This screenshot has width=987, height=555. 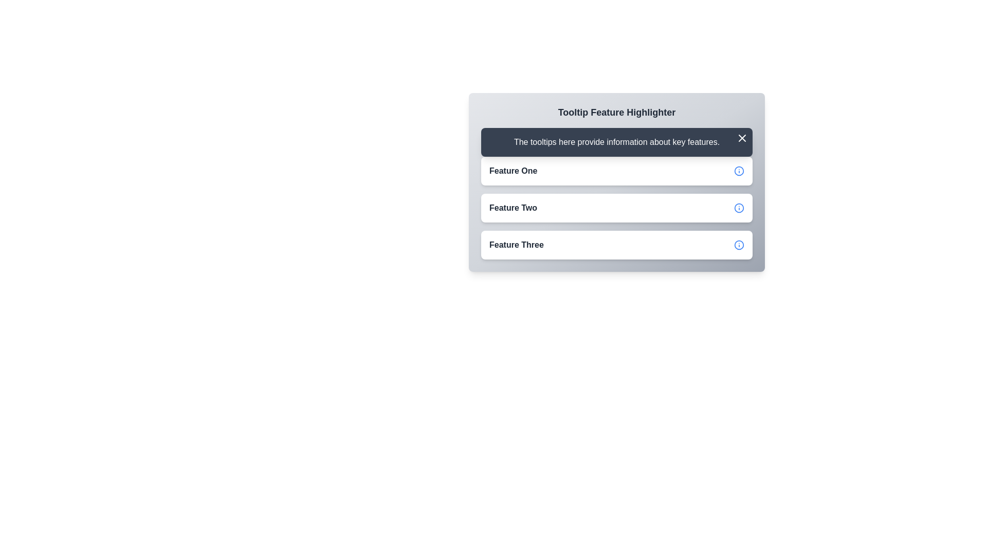 I want to click on the SVG Circle element with a radius of 10 units that is part of an icon located to the right of the 'Feature One' button, so click(x=739, y=170).